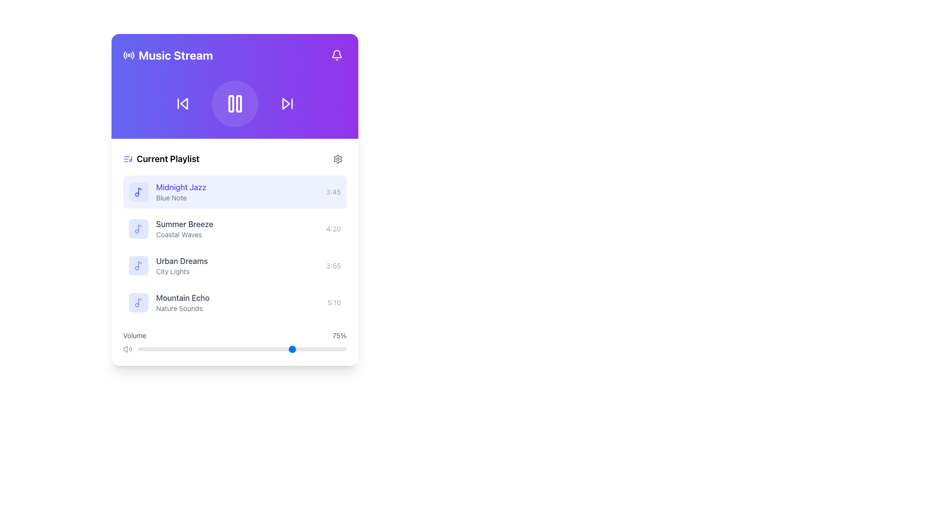 The width and height of the screenshot is (931, 524). I want to click on the volume slider, so click(210, 349).